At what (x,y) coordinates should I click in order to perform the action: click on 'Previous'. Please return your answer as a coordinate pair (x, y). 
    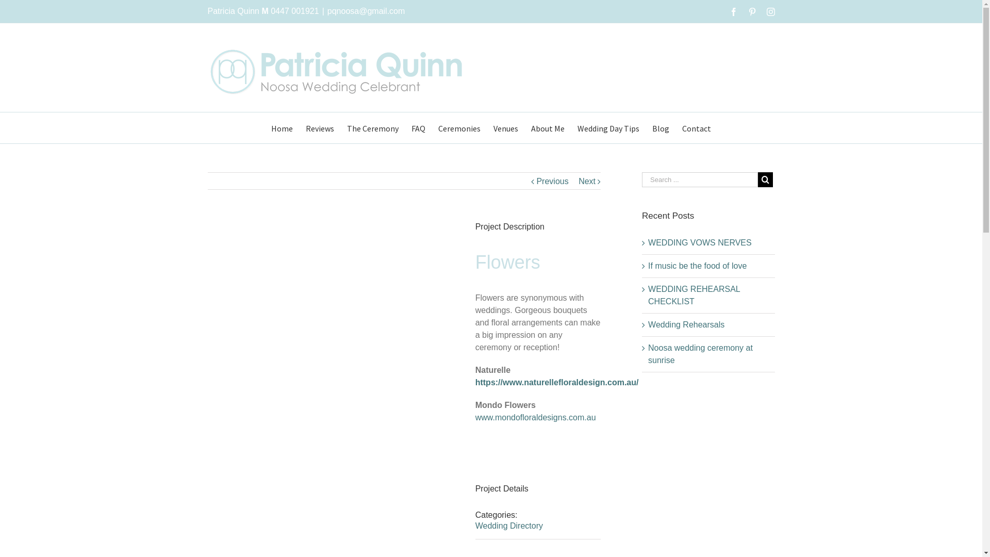
    Looking at the image, I should click on (551, 181).